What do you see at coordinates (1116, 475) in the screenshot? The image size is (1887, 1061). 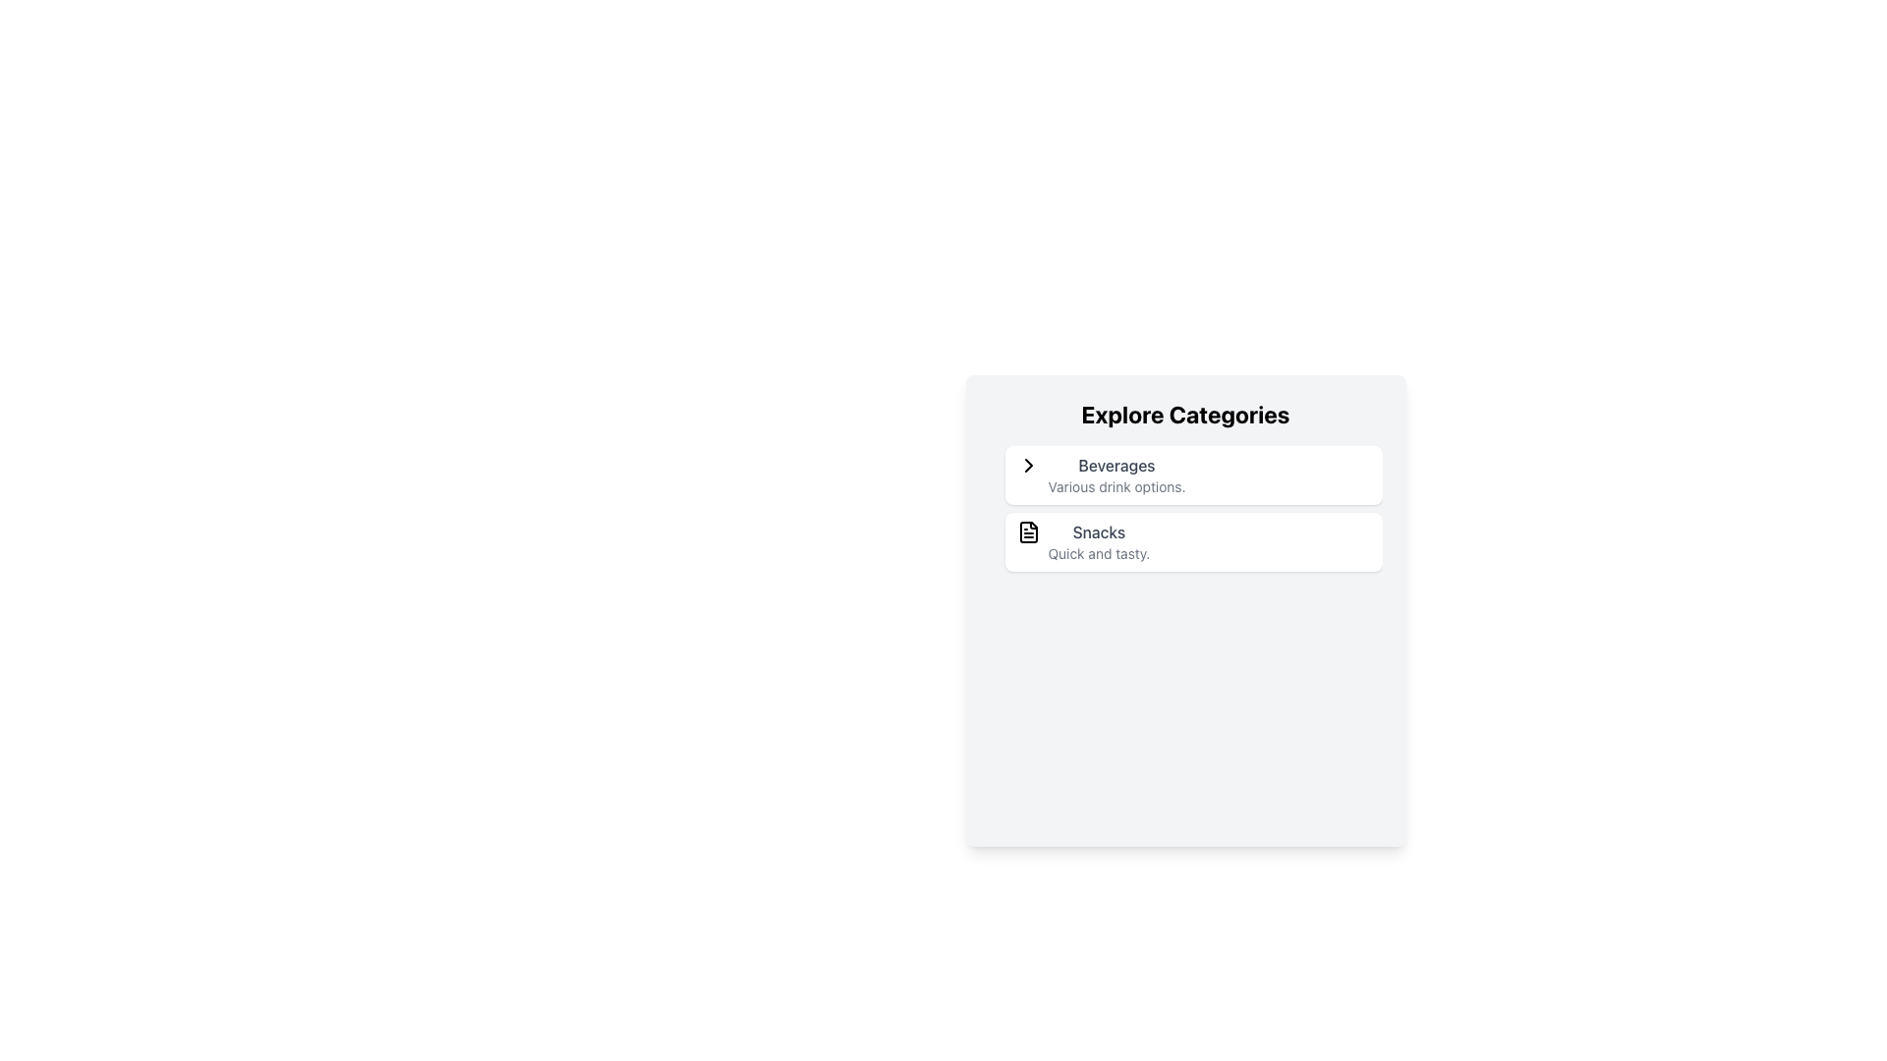 I see `the 'Beverages' category element, which features a bold title and a subtitle in a white rectangular section` at bounding box center [1116, 475].